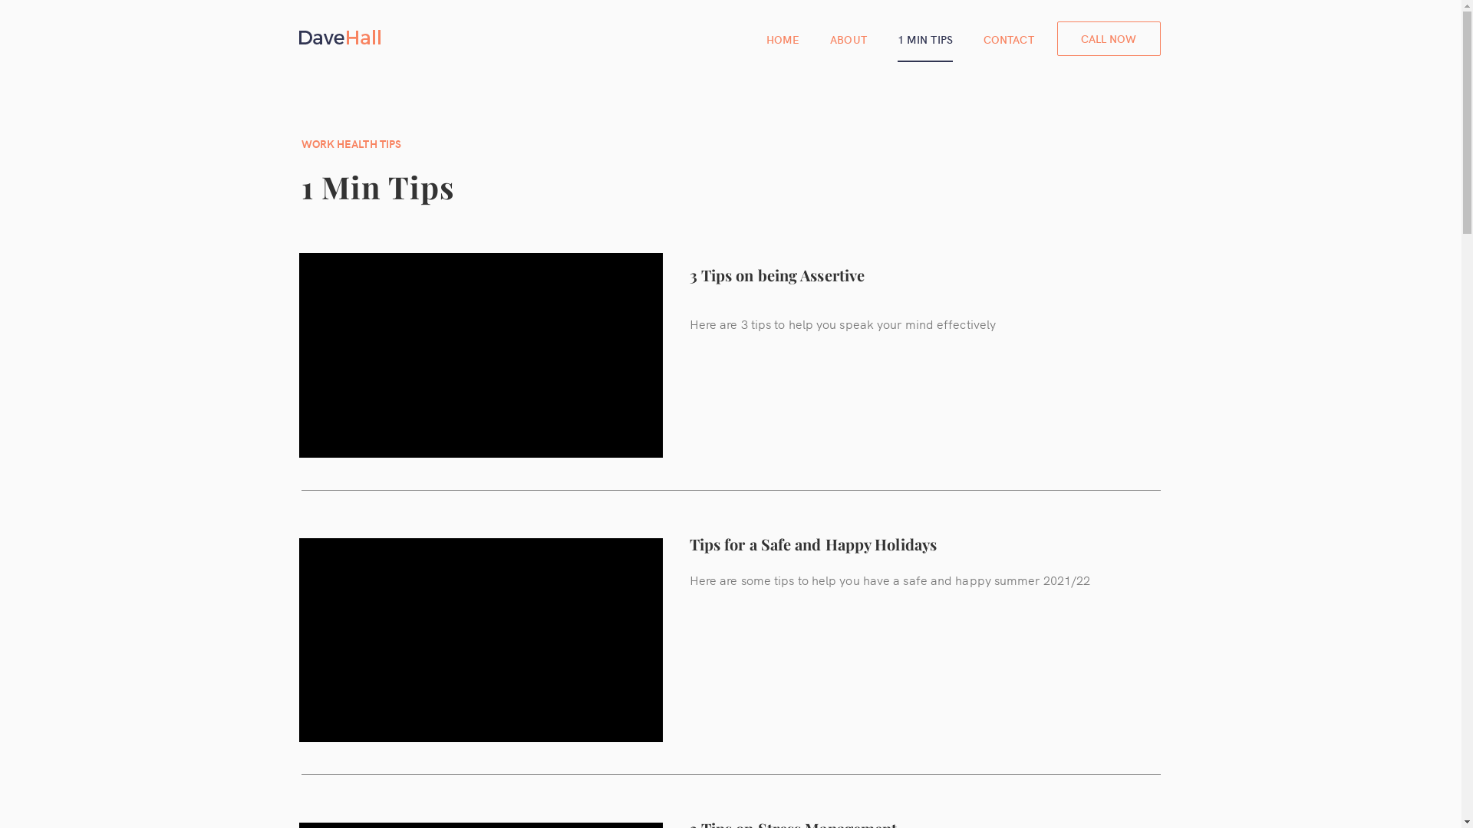  I want to click on 'youtube Video Player', so click(480, 355).